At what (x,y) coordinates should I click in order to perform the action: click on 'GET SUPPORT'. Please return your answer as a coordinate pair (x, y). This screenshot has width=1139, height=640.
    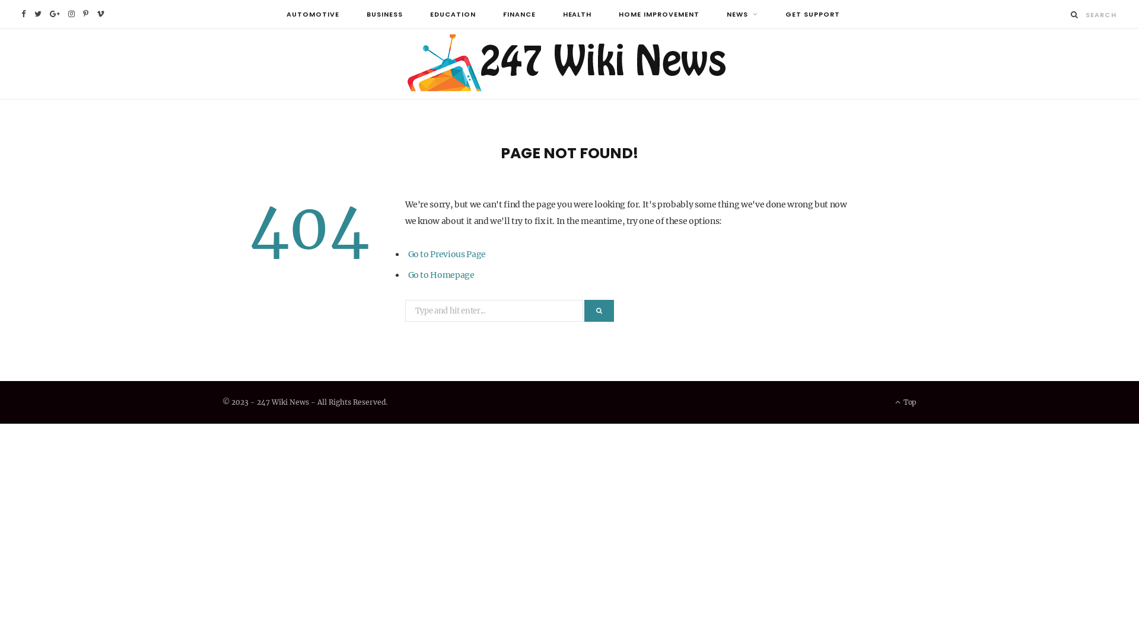
    Looking at the image, I should click on (772, 14).